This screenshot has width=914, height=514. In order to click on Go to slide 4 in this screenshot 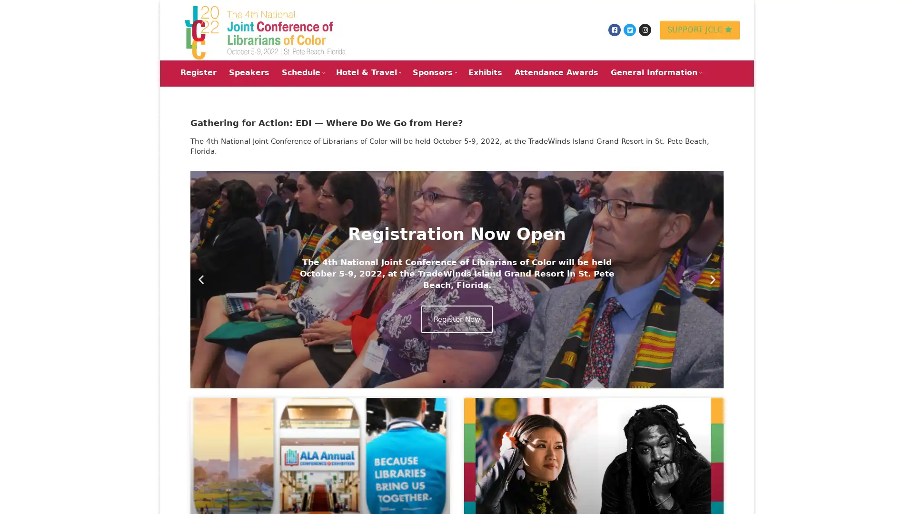, I will do `click(470, 381)`.